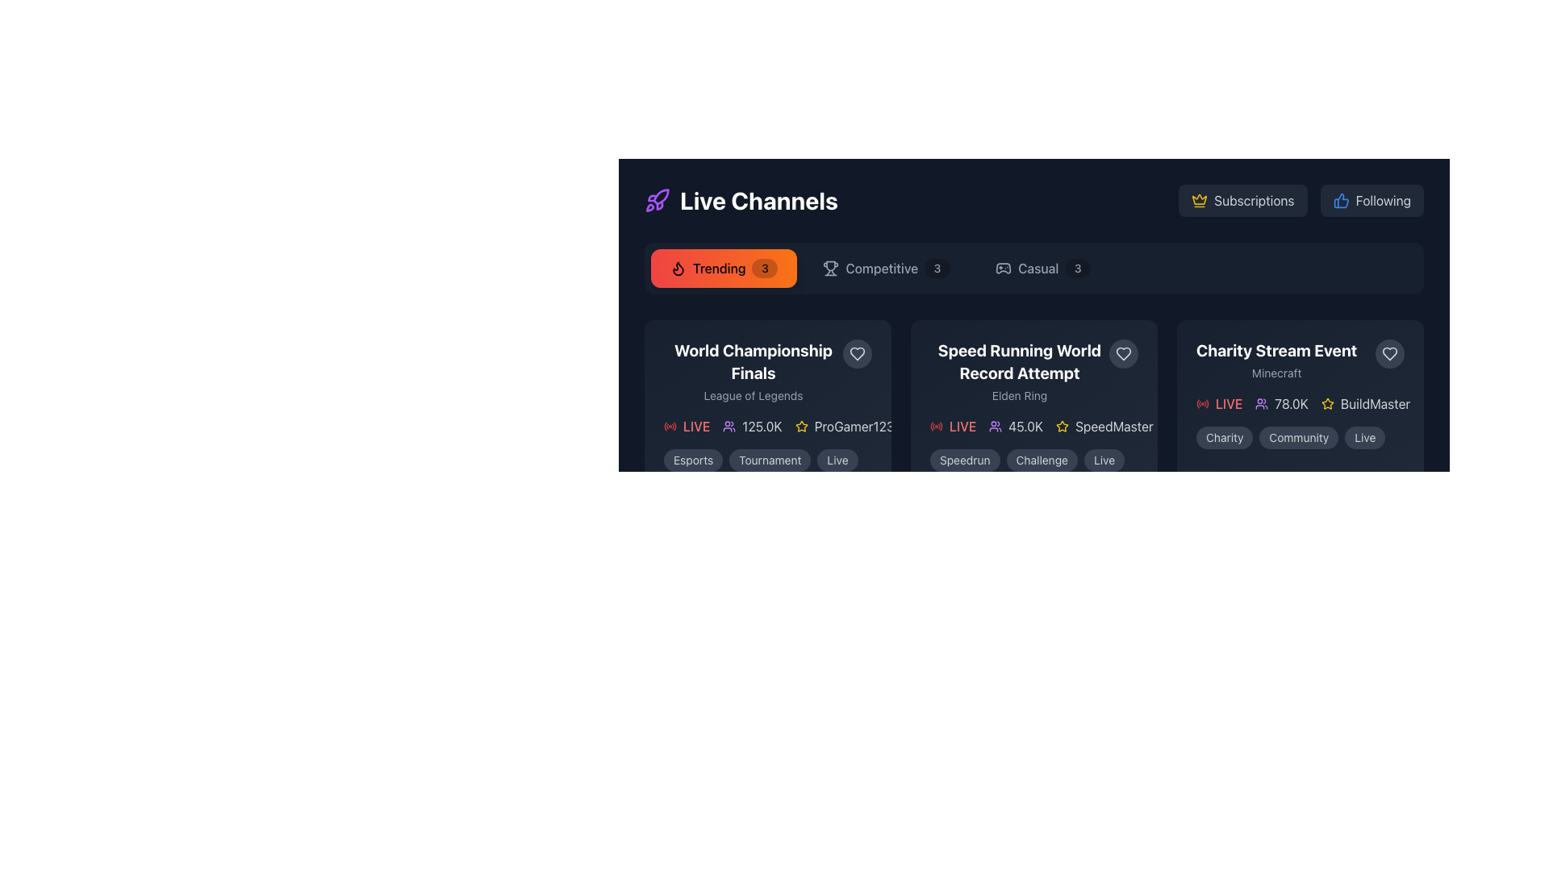 The image size is (1549, 871). Describe the element at coordinates (856, 353) in the screenshot. I see `the 'like' or 'favorite' button located in the upper-right area of the 'World Championship Finals' card` at that location.